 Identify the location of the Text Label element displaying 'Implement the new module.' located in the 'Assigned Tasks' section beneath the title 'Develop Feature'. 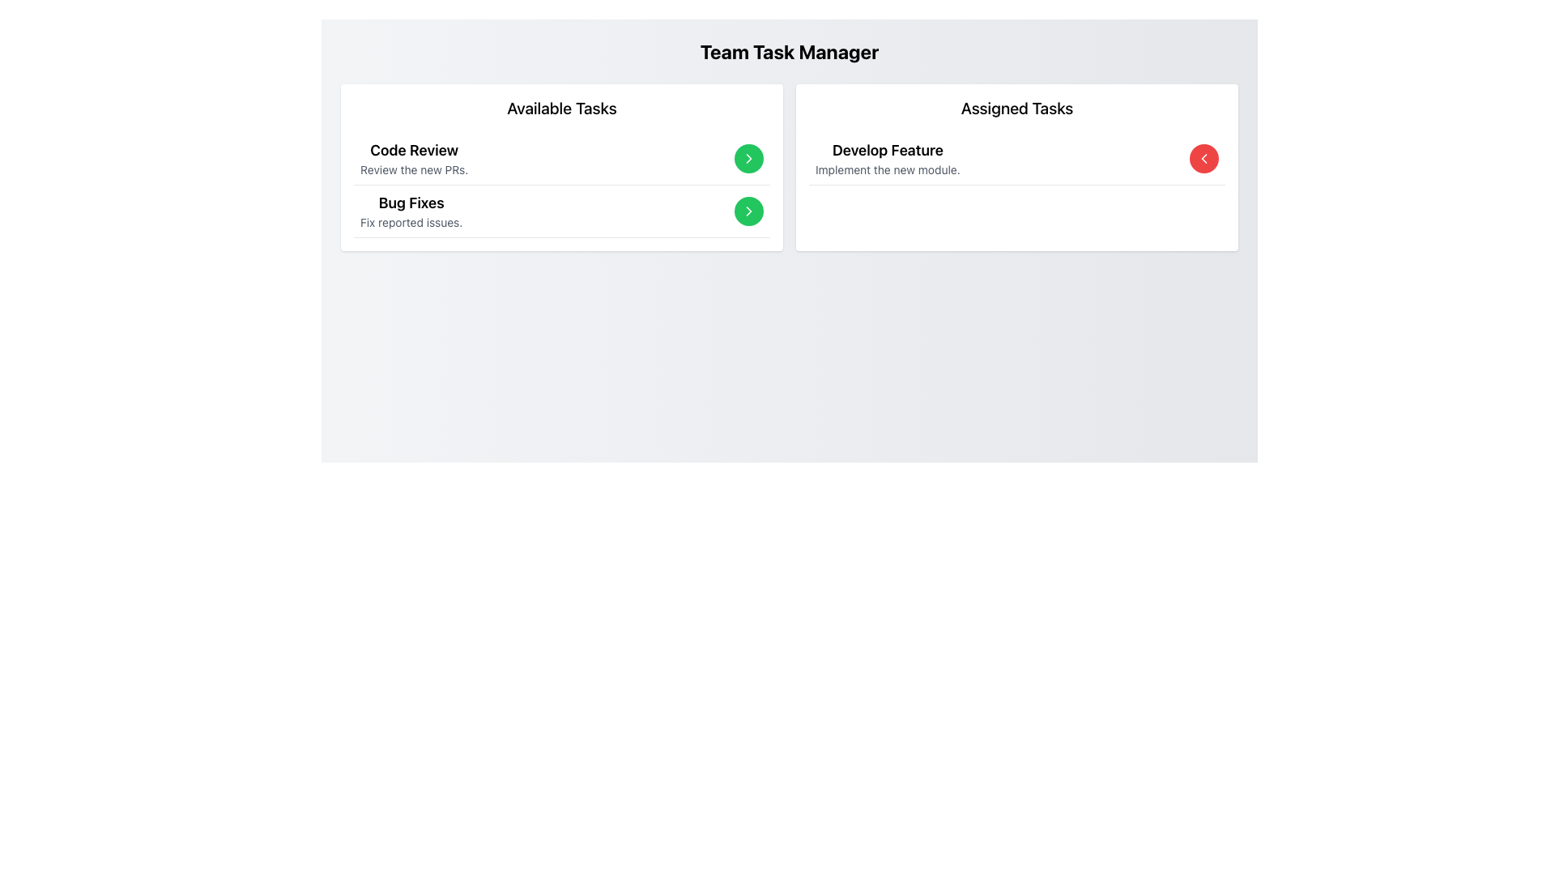
(887, 169).